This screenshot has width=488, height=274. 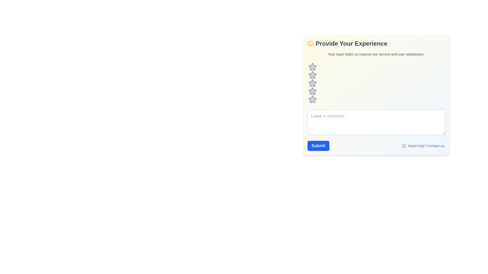 What do you see at coordinates (376, 54) in the screenshot?
I see `the static text label displaying 'Your input helps us improve our service and user satisfaction.' which is located beneath the heading 'Provide Your Experience'` at bounding box center [376, 54].